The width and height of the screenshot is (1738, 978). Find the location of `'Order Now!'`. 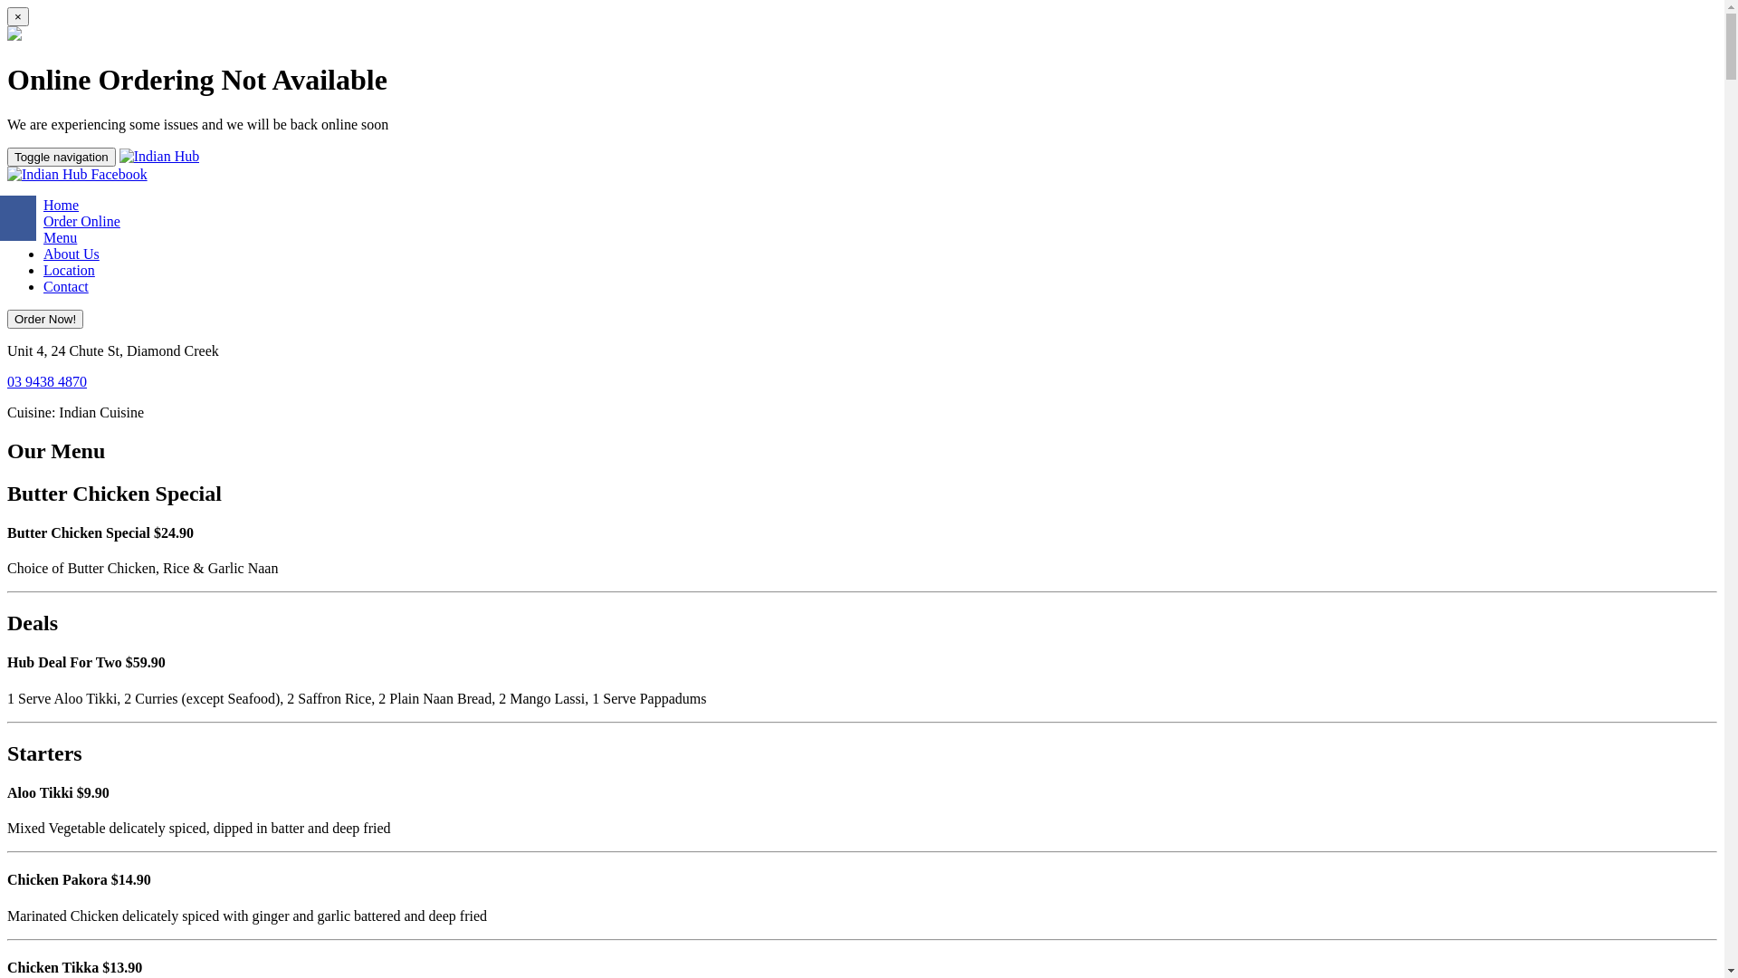

'Order Now!' is located at coordinates (44, 318).